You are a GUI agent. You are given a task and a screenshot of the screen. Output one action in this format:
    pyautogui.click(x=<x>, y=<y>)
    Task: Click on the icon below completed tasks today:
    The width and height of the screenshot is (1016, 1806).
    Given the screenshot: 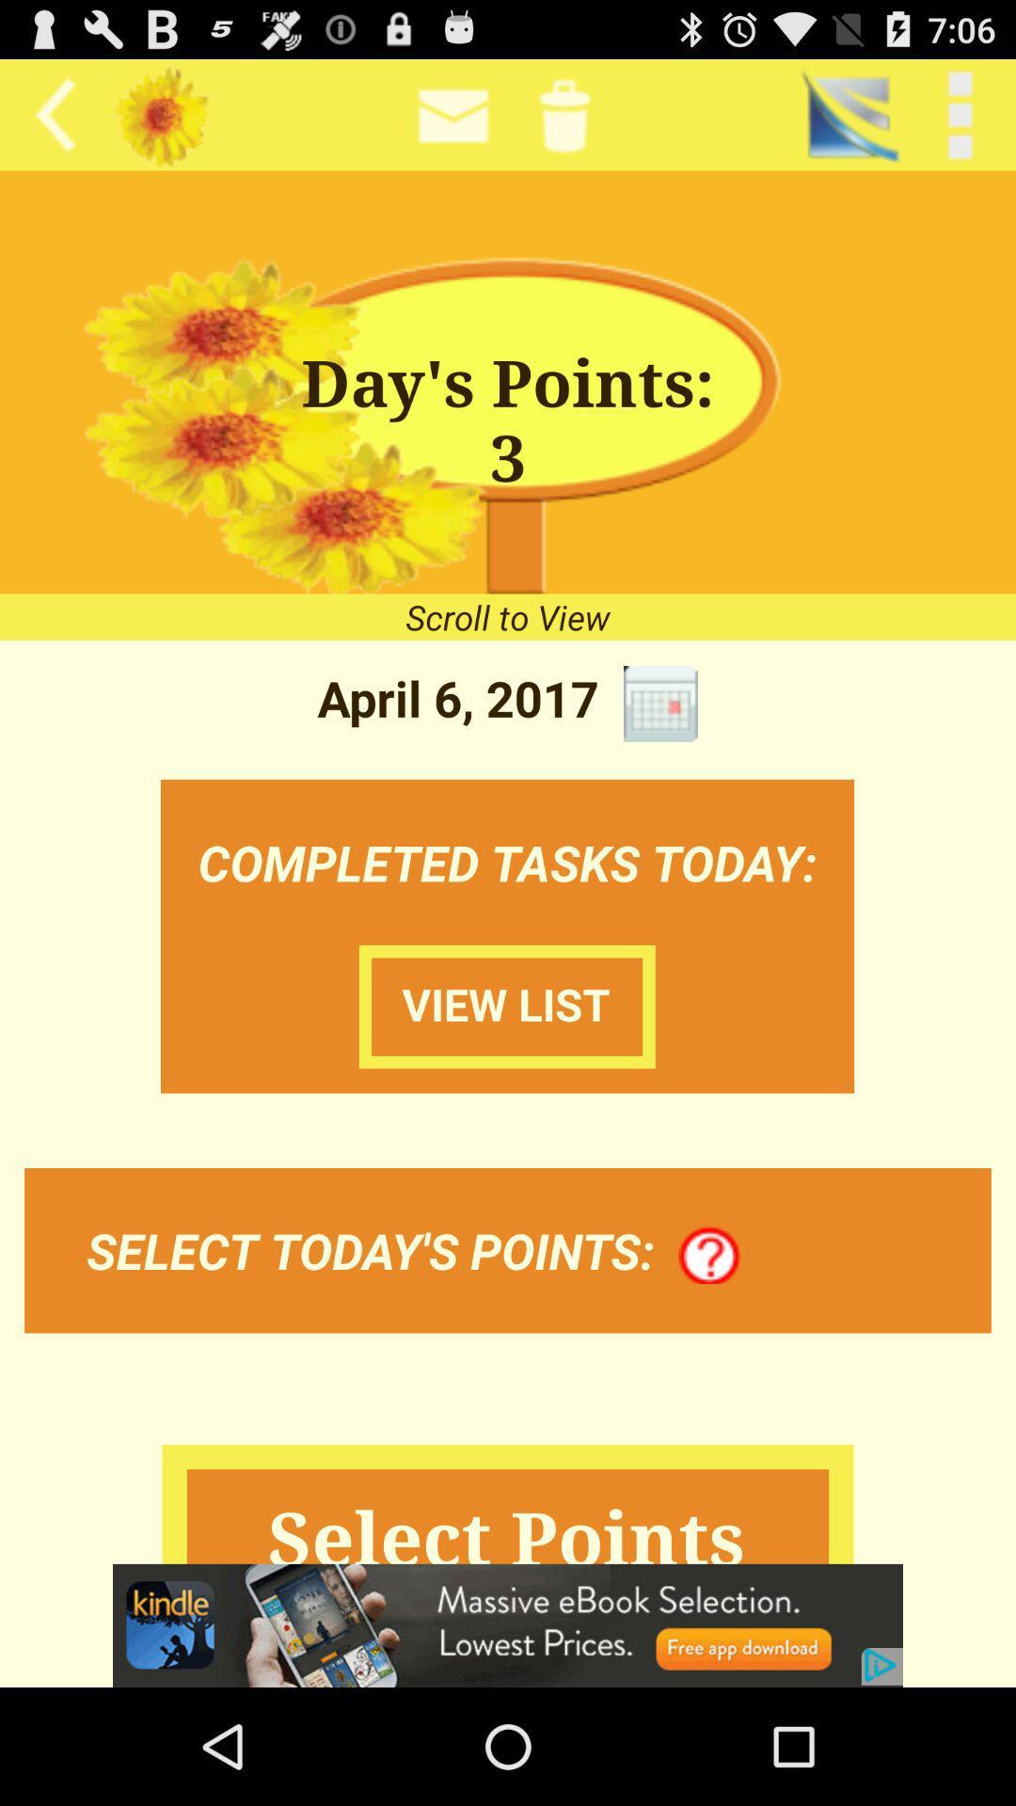 What is the action you would take?
    pyautogui.click(x=709, y=1256)
    